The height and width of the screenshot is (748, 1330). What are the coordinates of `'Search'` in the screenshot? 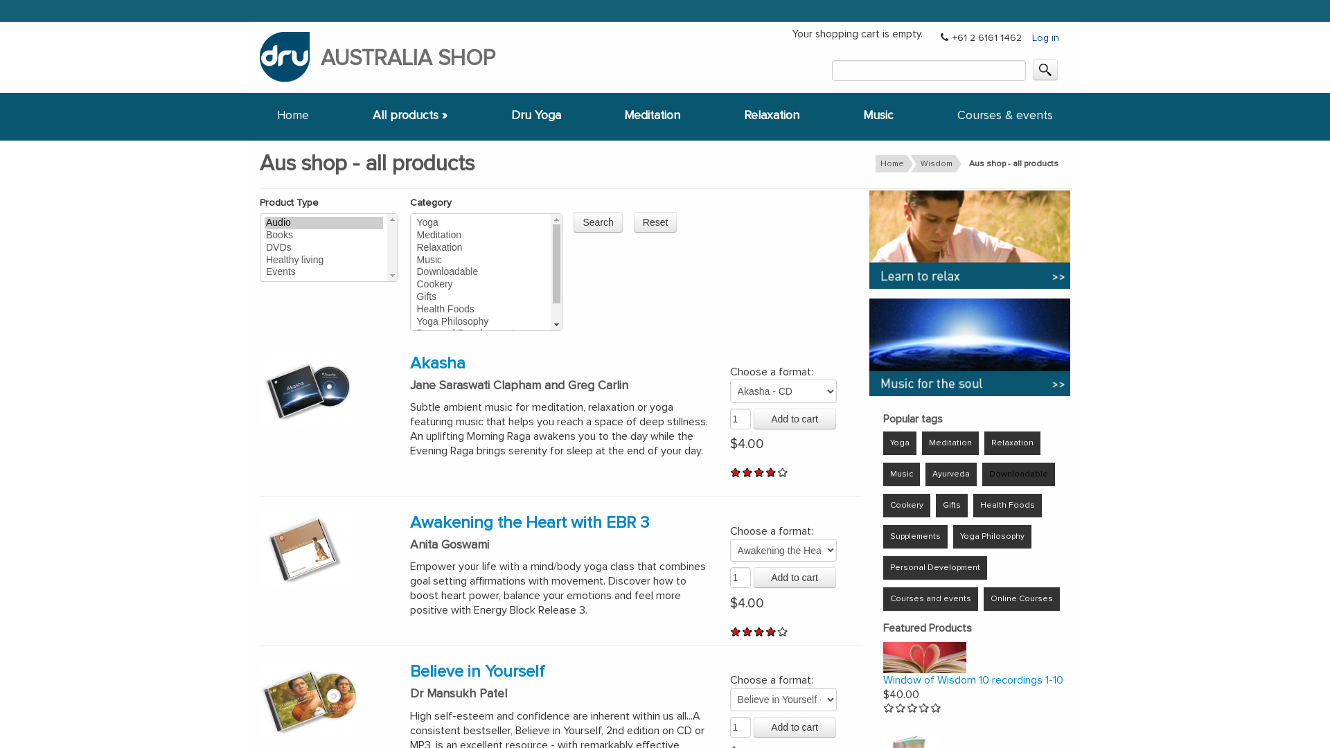 It's located at (574, 221).